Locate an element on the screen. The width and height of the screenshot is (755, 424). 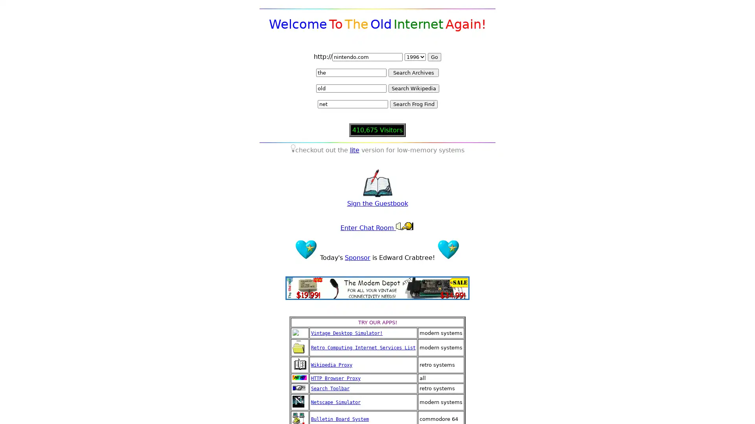
Search Archives is located at coordinates (413, 73).